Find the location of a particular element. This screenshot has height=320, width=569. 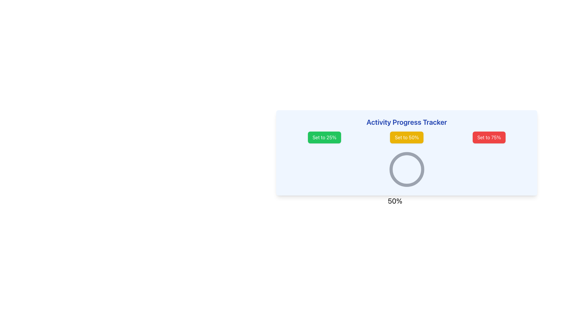

the Text Label that indicates a progress-related value, positioned centrally within a circular element below the buttons labeled 'Set to 25%', 'Set to 50%', and 'Set to 75%.' is located at coordinates (395, 201).